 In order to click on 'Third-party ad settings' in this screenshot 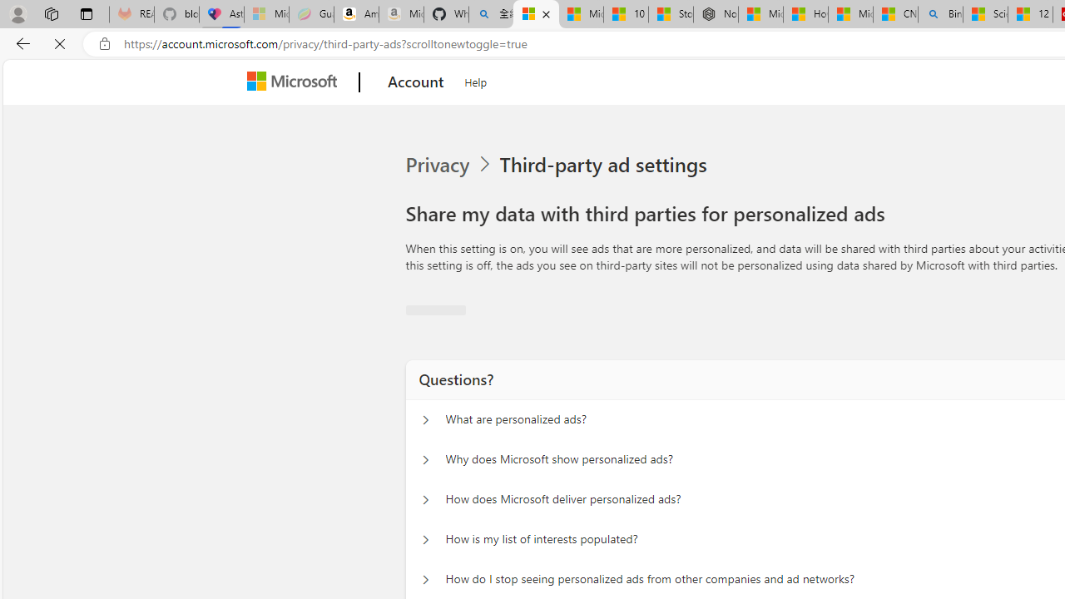, I will do `click(606, 165)`.